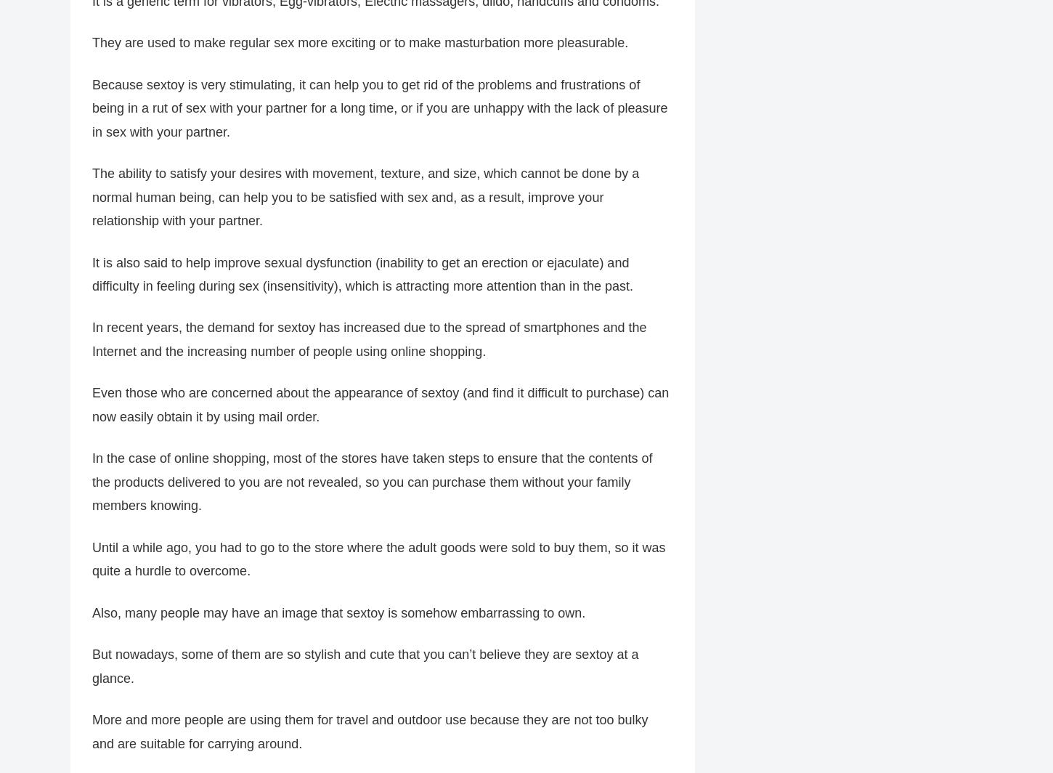  Describe the element at coordinates (378, 559) in the screenshot. I see `'Until a while ago, you had to go to the store where the adult goods were sold to buy them, so it was quite a hurdle to overcome.'` at that location.